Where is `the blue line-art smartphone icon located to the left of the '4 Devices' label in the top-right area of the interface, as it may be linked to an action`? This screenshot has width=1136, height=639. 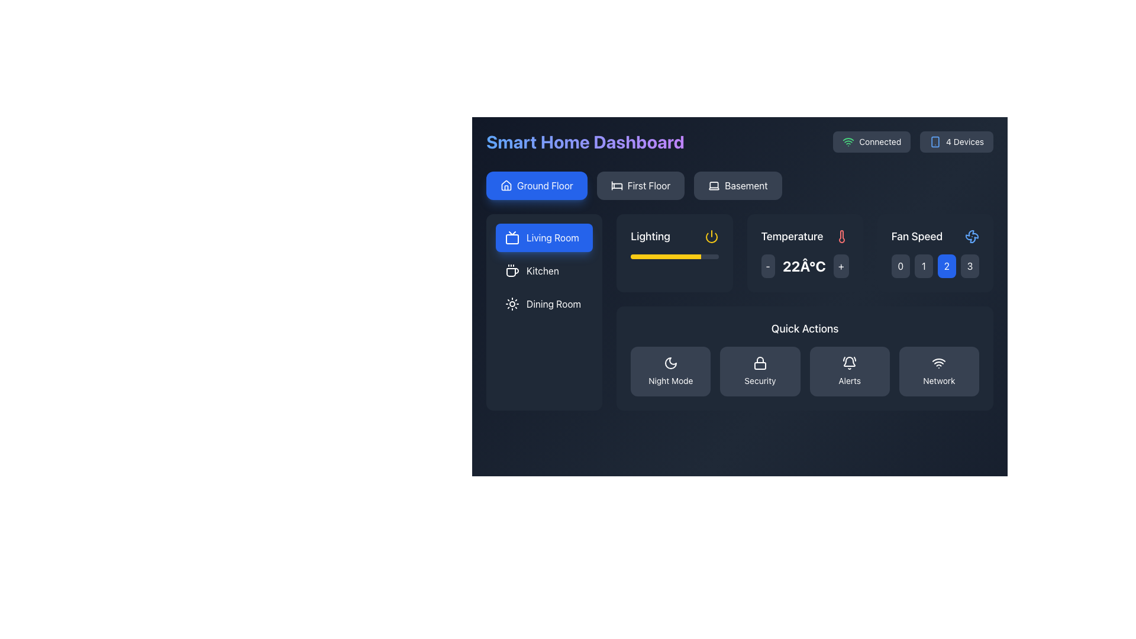
the blue line-art smartphone icon located to the left of the '4 Devices' label in the top-right area of the interface, as it may be linked to an action is located at coordinates (935, 141).